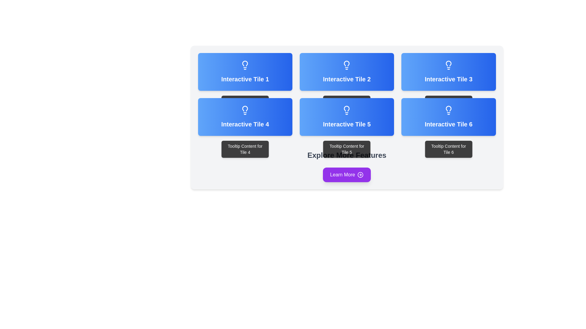  What do you see at coordinates (245, 149) in the screenshot?
I see `text of the tooltip located directly beneath 'Interactive Tile 4', which is horizontally centered with respect to the tile` at bounding box center [245, 149].